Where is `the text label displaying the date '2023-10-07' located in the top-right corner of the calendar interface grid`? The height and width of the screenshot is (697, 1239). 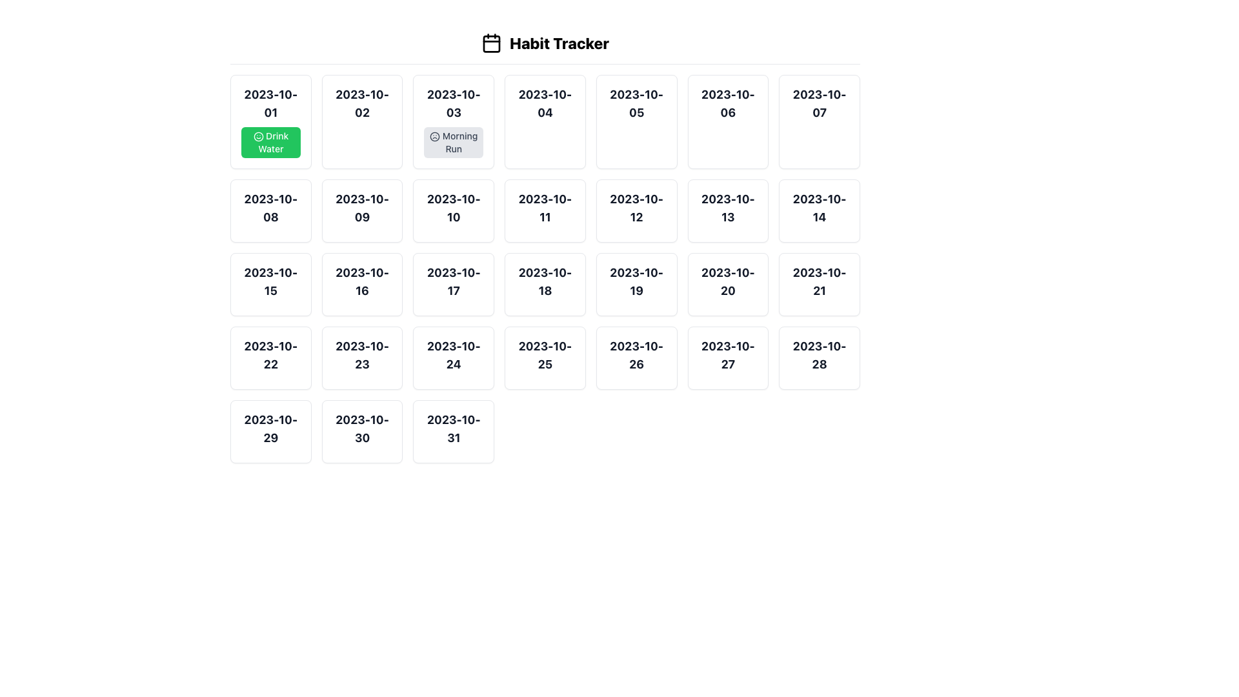 the text label displaying the date '2023-10-07' located in the top-right corner of the calendar interface grid is located at coordinates (819, 103).